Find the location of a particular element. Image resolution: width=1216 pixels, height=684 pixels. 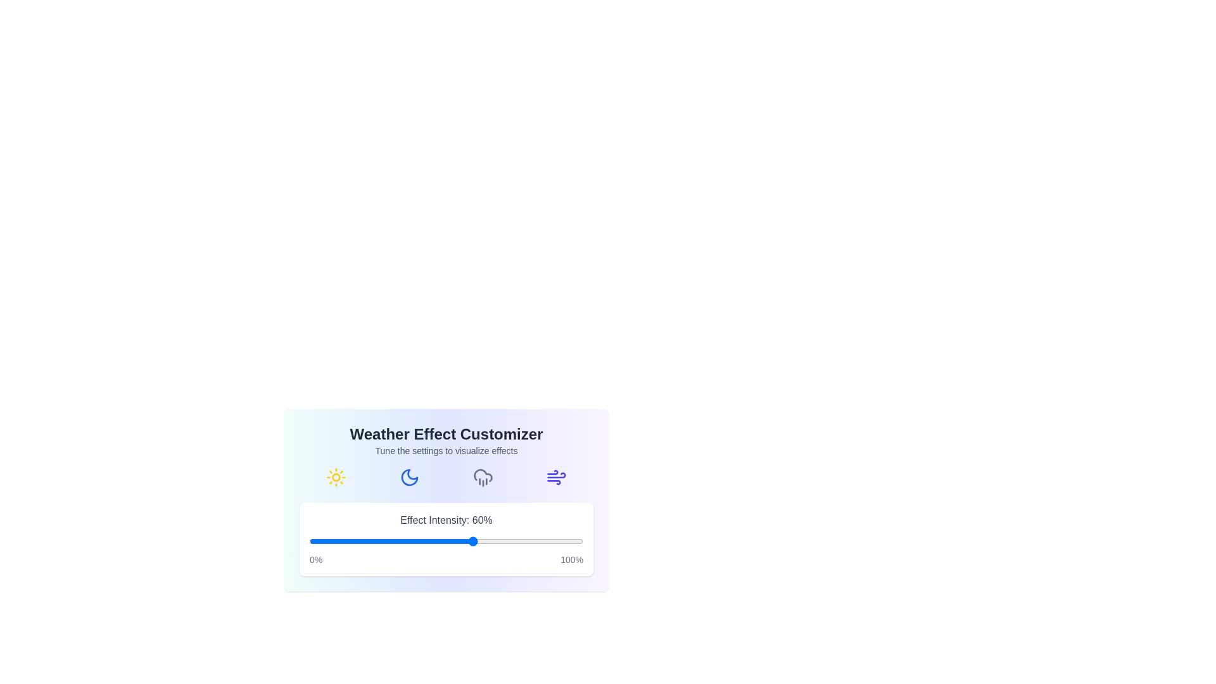

the effect intensity is located at coordinates (358, 541).